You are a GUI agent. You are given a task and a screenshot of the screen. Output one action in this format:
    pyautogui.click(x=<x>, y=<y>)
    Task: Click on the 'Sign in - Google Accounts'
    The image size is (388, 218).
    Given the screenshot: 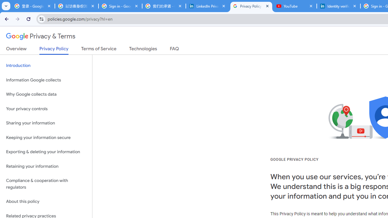 What is the action you would take?
    pyautogui.click(x=120, y=6)
    